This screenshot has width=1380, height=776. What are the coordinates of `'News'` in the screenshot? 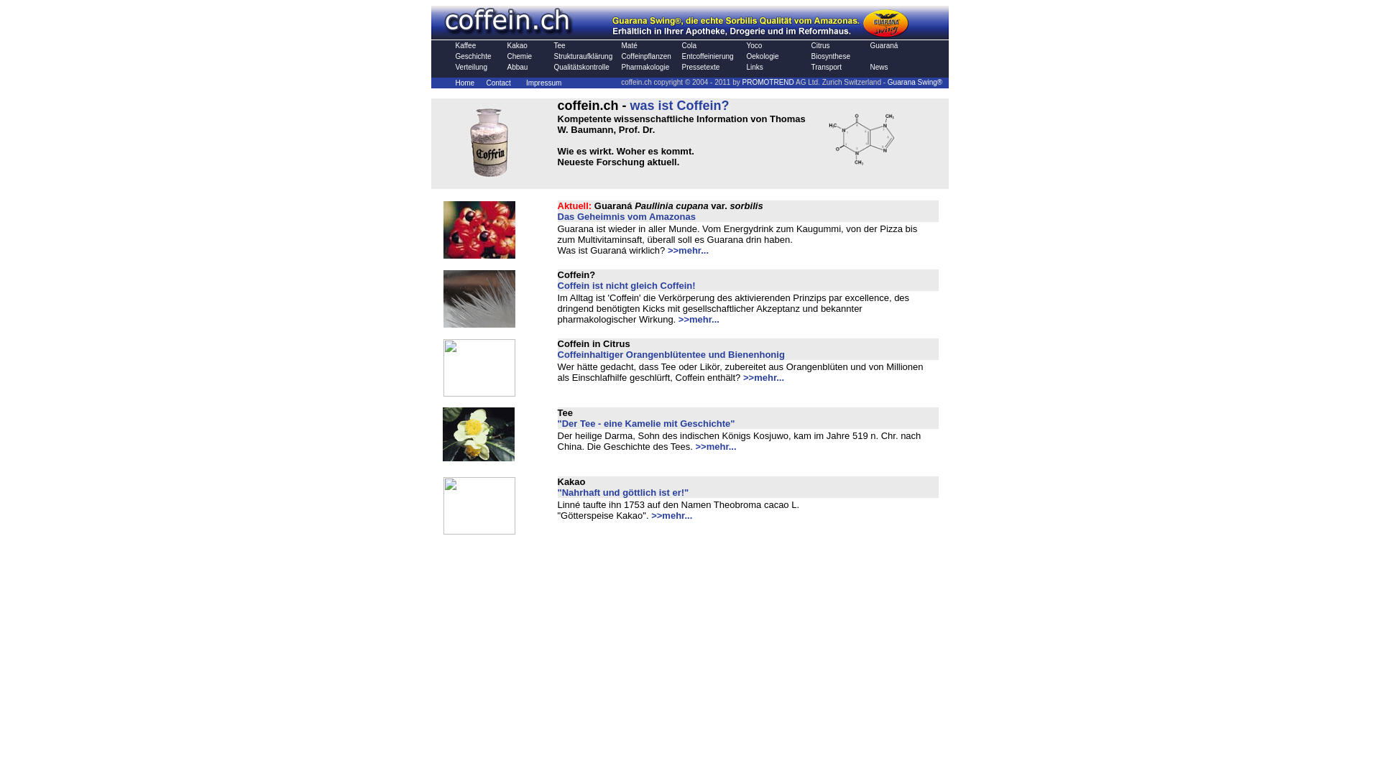 It's located at (878, 67).